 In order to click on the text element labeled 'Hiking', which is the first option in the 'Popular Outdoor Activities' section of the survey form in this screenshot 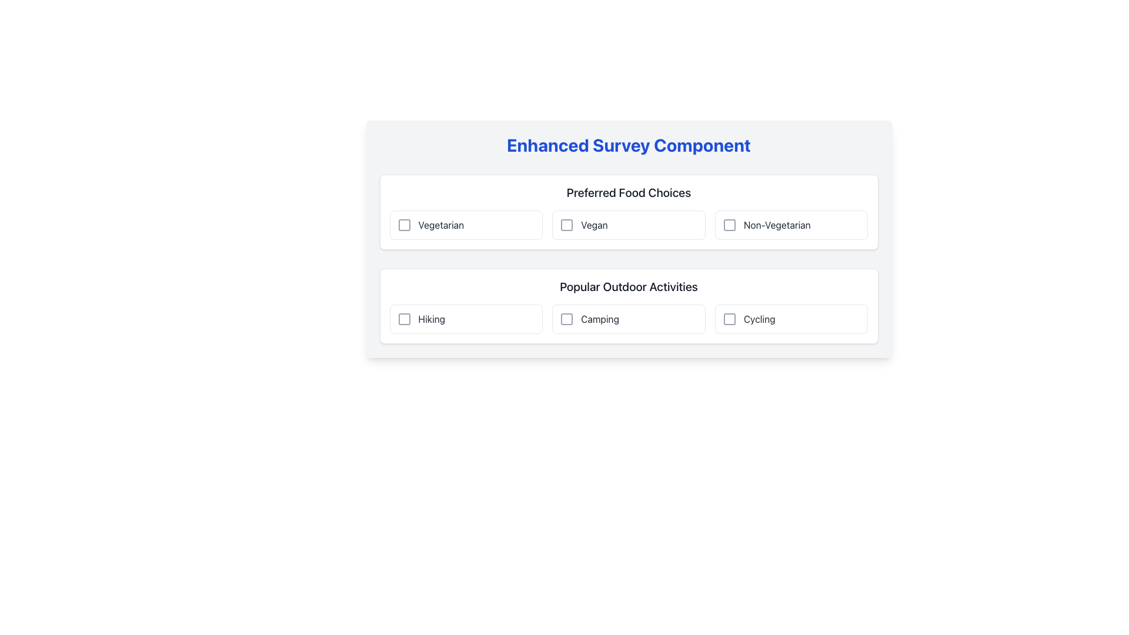, I will do `click(431, 319)`.